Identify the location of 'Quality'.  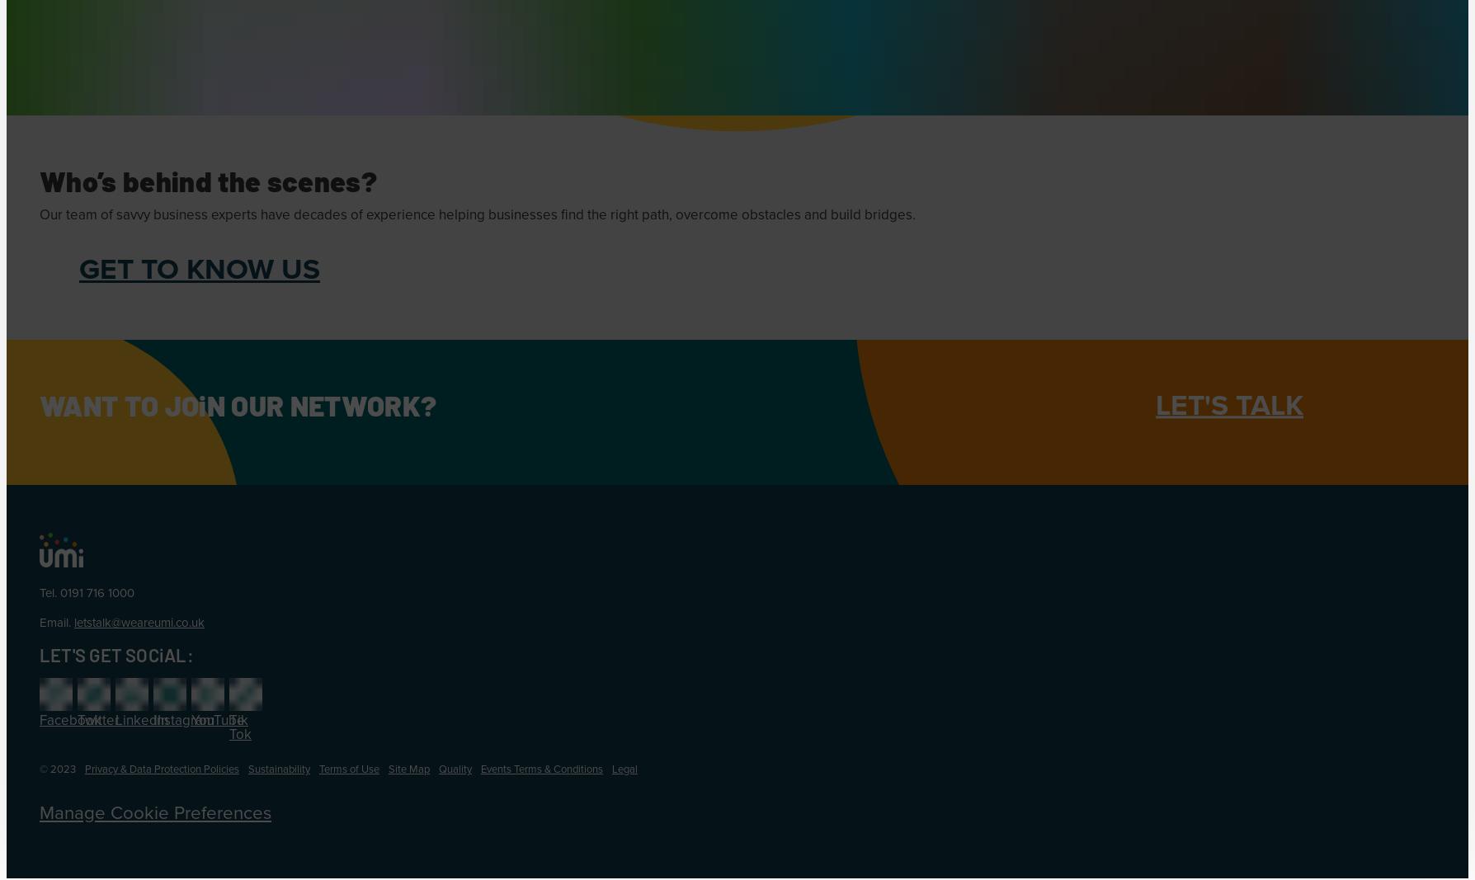
(455, 769).